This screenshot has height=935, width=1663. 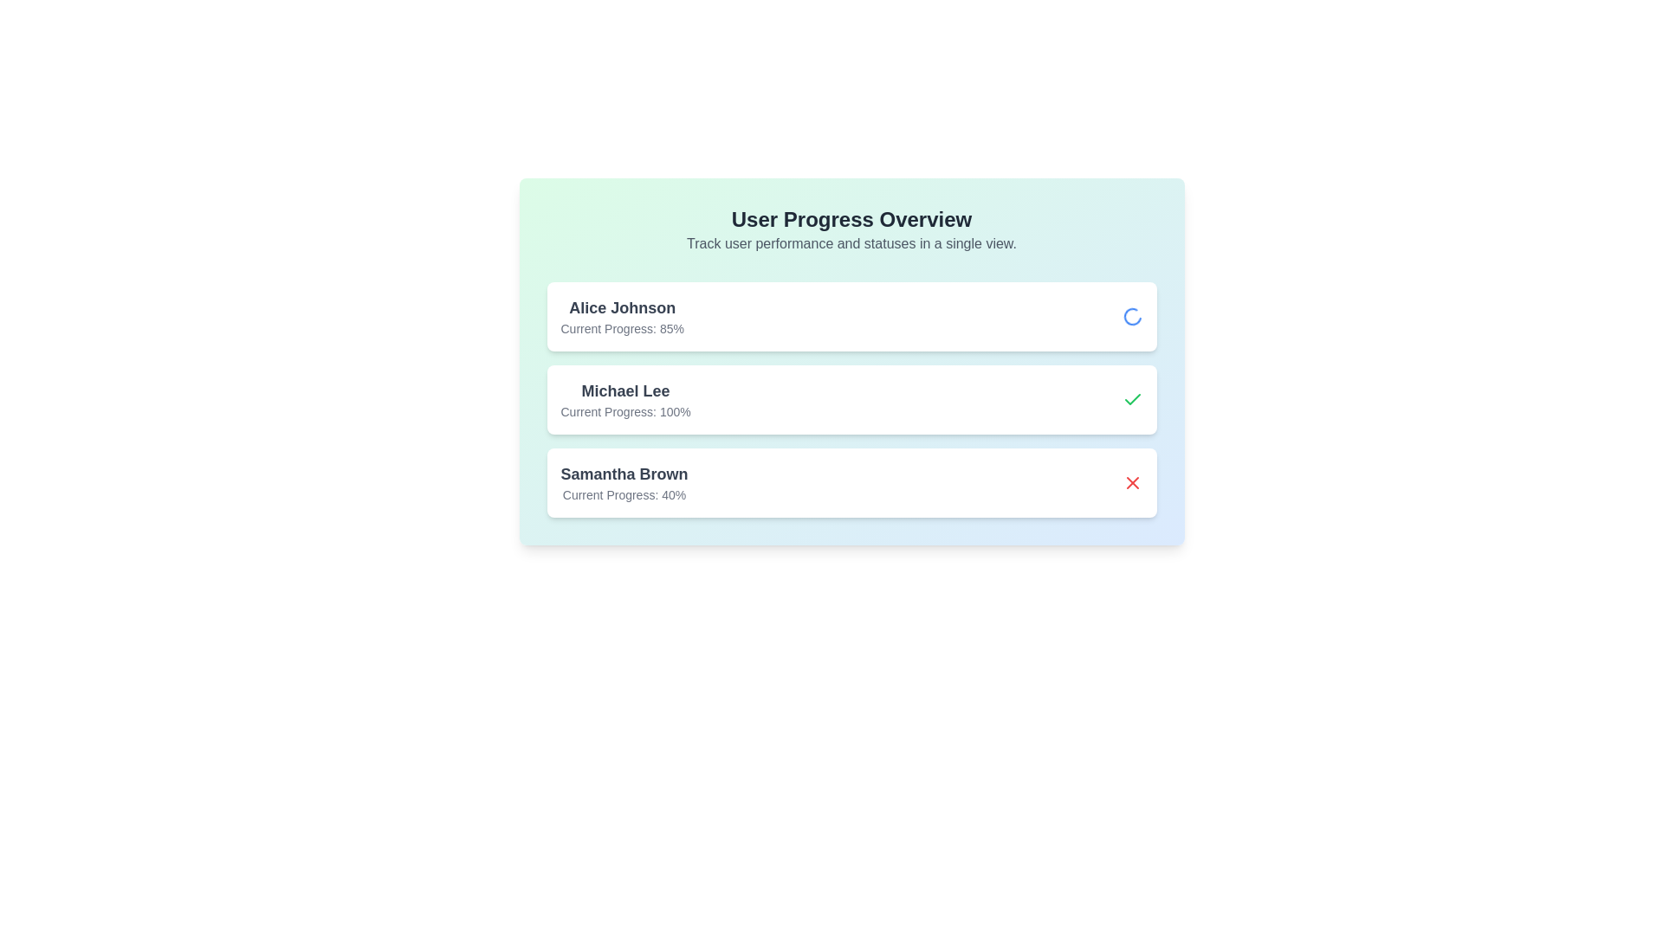 I want to click on the label displaying 'Current Progress: 40%' located beneath the name 'Samantha Brown' in the user progress summary card, so click(x=624, y=494).